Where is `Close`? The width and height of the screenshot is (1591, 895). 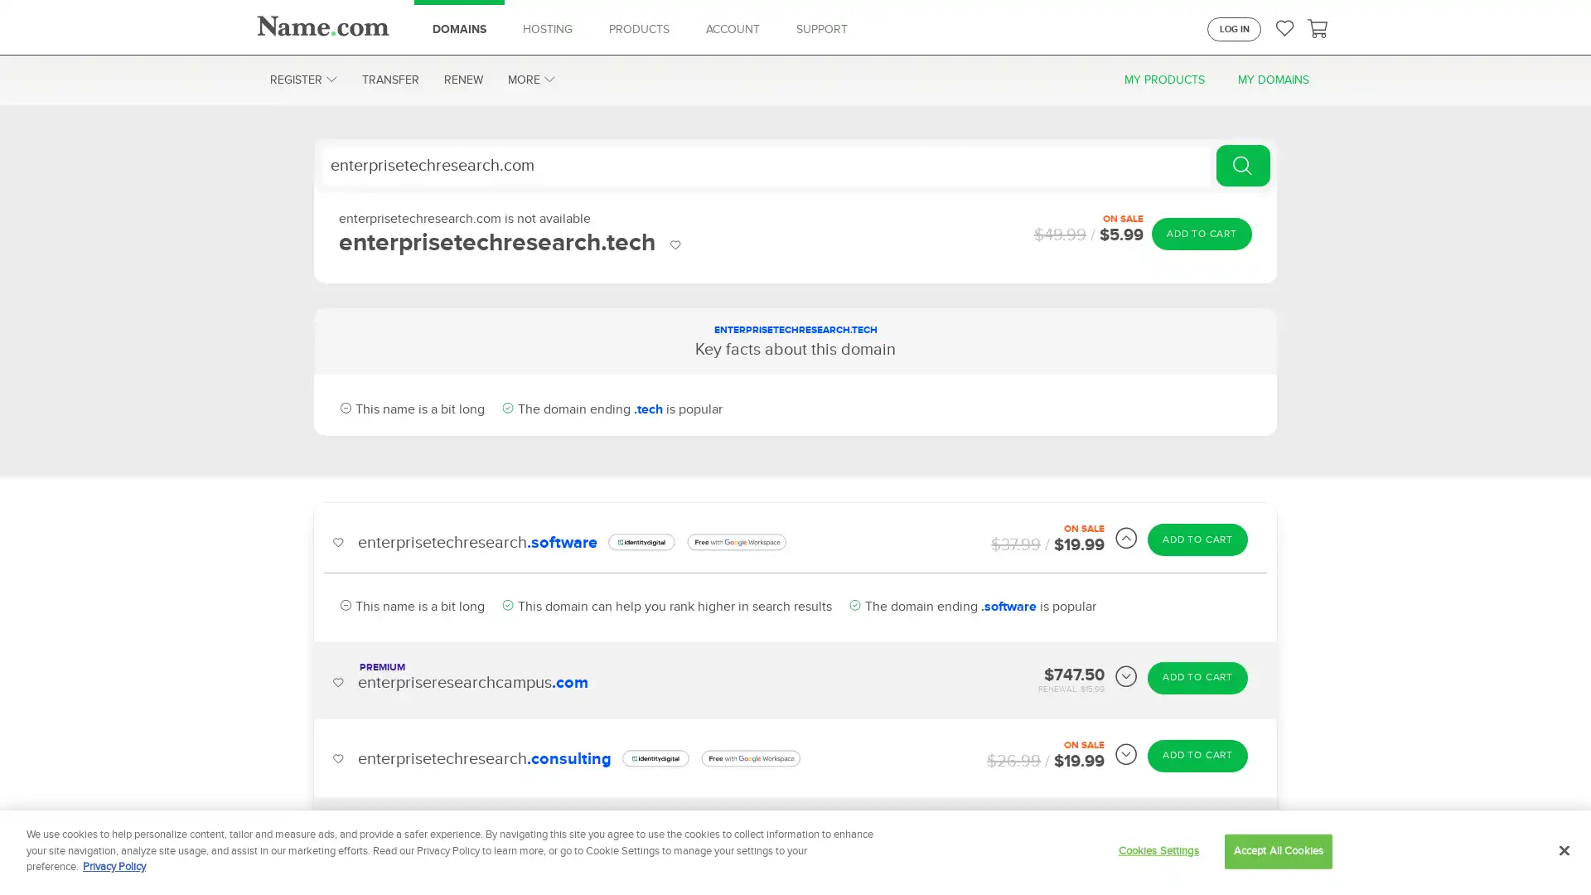
Close is located at coordinates (1563, 850).